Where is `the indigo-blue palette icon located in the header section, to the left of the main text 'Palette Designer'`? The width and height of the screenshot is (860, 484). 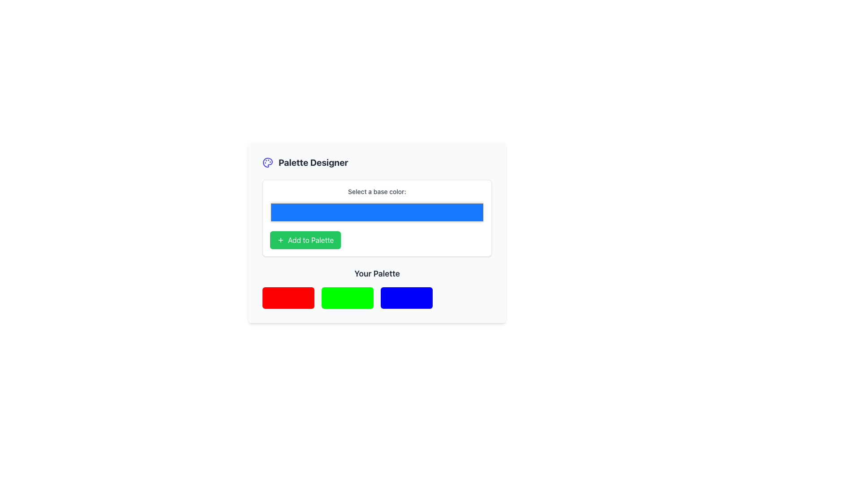
the indigo-blue palette icon located in the header section, to the left of the main text 'Palette Designer' is located at coordinates (267, 162).